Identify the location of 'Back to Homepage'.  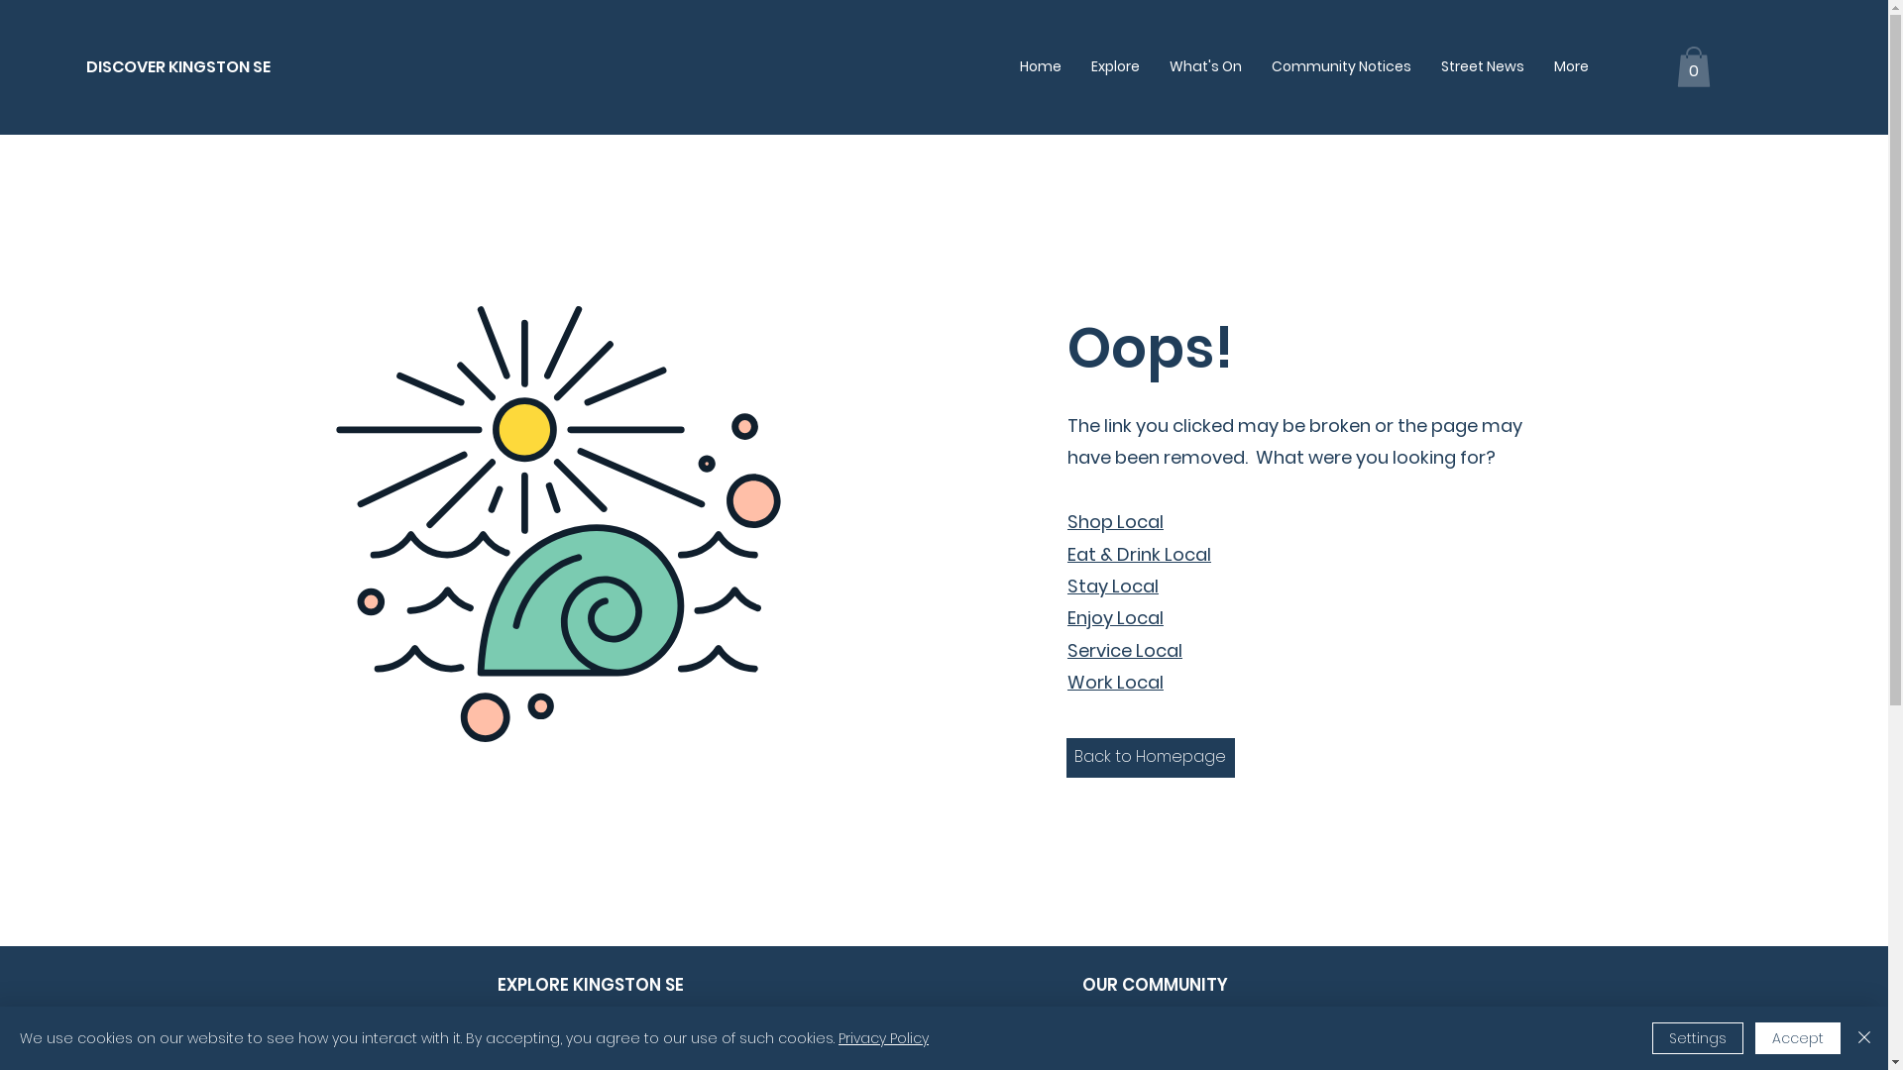
(1151, 757).